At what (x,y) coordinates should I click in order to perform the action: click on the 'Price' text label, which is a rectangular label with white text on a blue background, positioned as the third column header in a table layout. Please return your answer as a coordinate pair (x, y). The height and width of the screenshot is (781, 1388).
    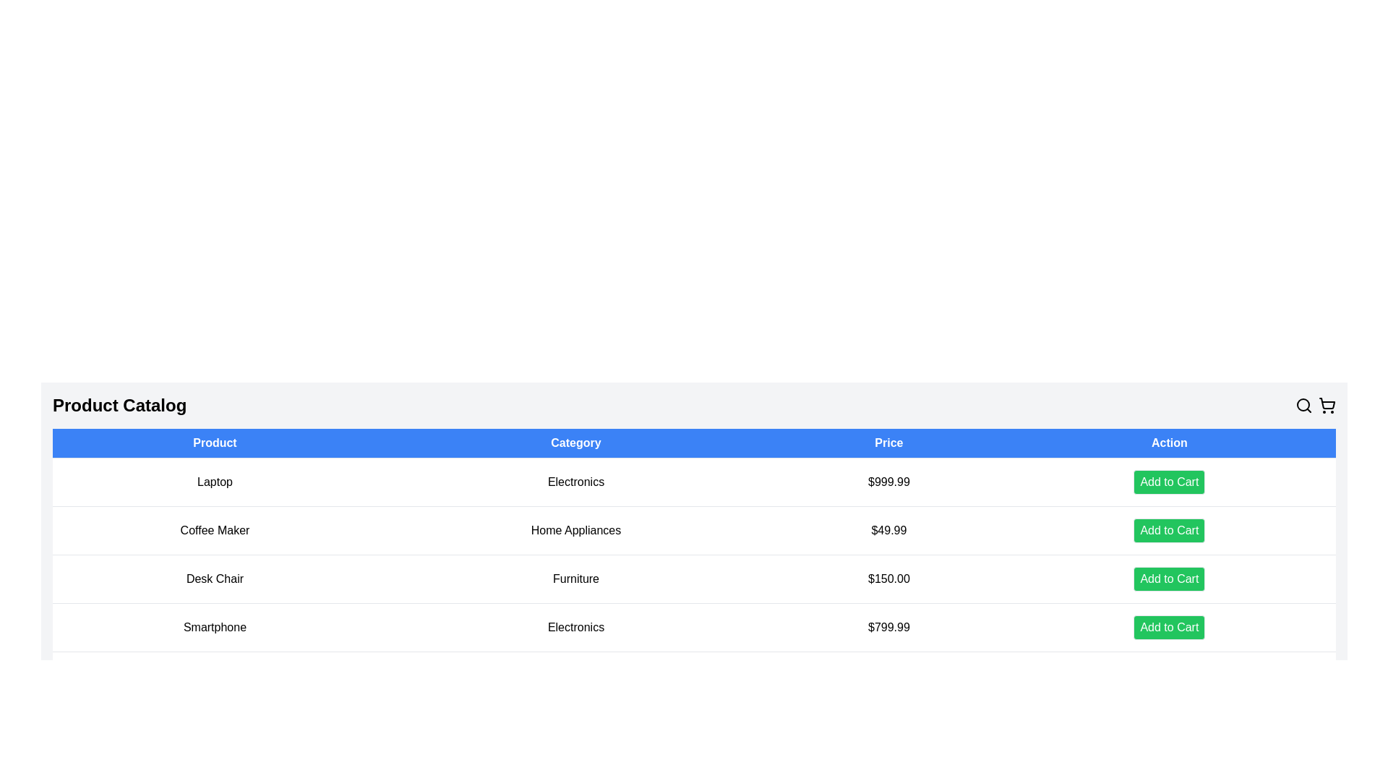
    Looking at the image, I should click on (888, 443).